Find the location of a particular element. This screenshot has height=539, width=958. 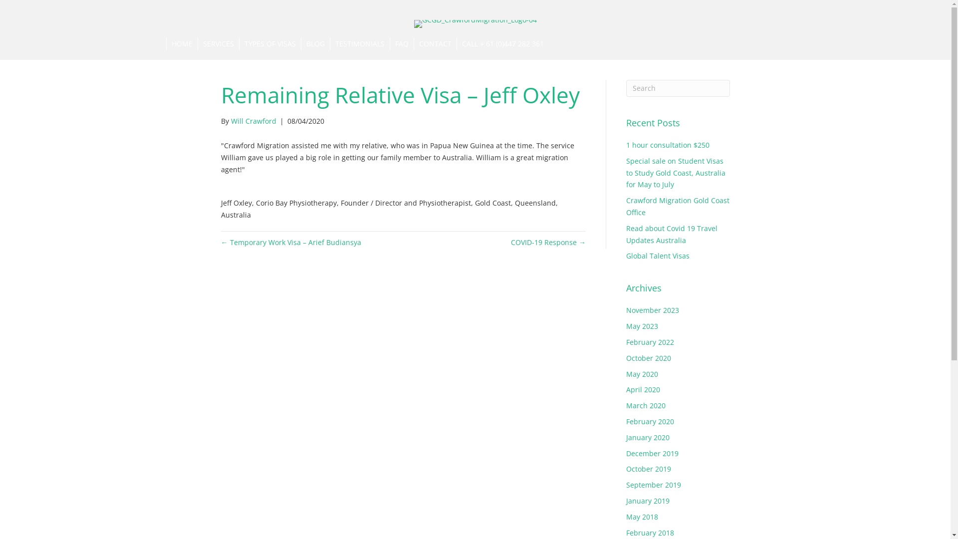

'September 2019' is located at coordinates (625, 484).